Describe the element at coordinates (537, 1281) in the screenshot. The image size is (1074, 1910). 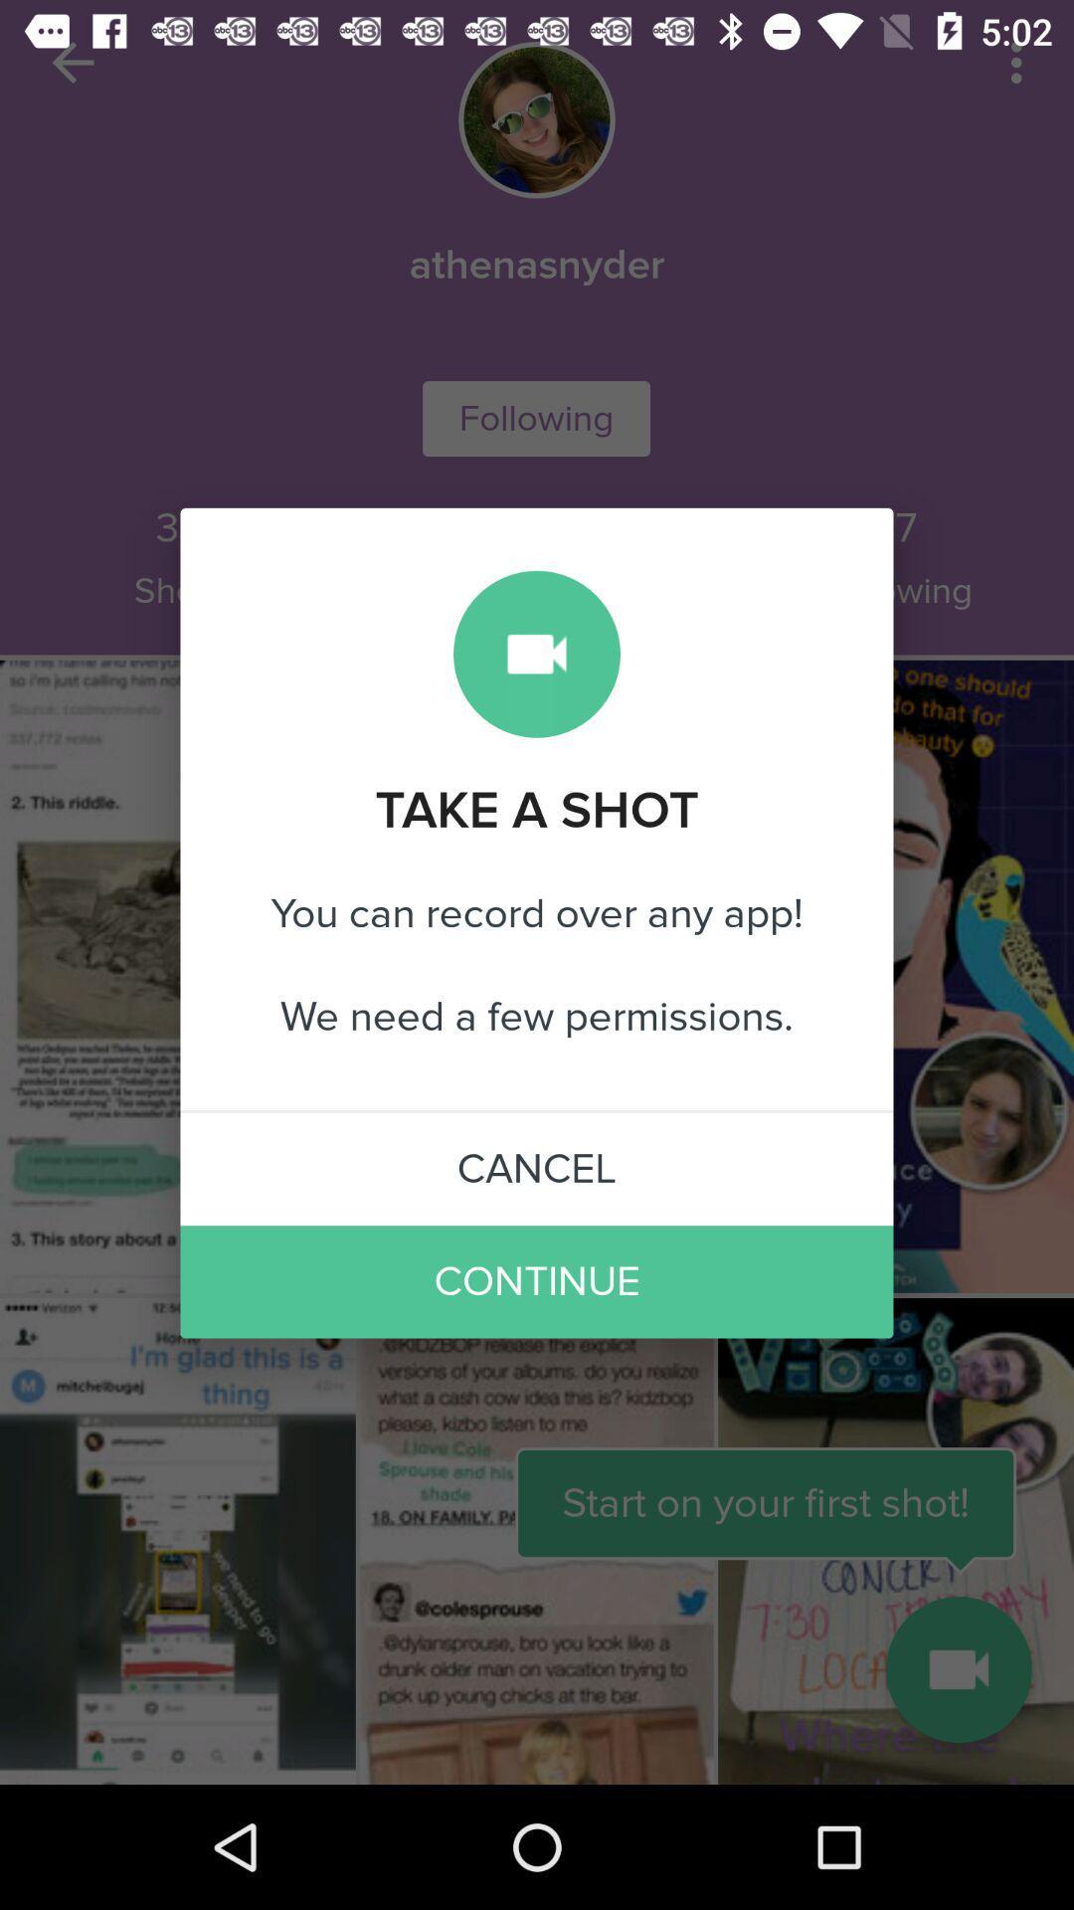
I see `the continue icon` at that location.